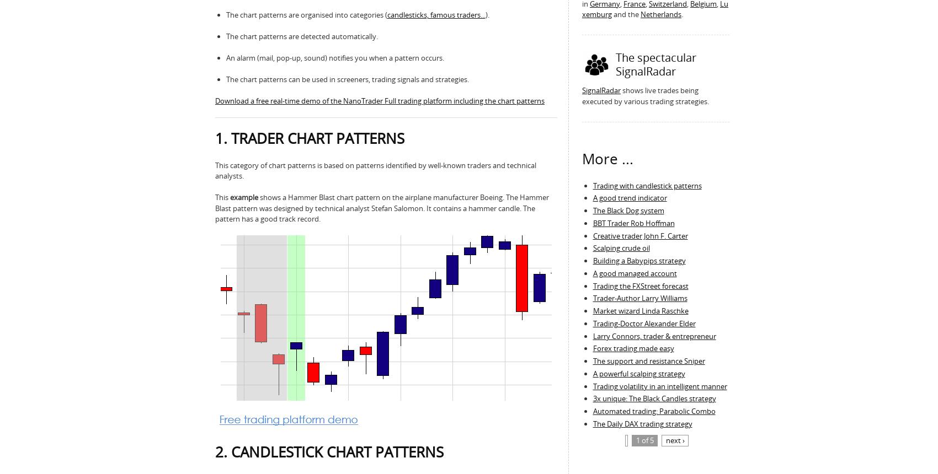  Describe the element at coordinates (334, 56) in the screenshot. I see `'An alarm (mail, pop-up, sound) notifies you when a pattern occurs.'` at that location.